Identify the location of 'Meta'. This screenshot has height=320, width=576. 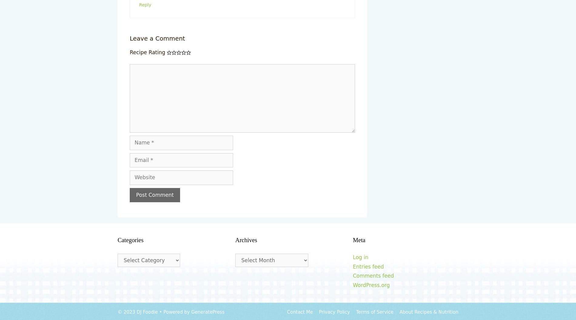
(359, 240).